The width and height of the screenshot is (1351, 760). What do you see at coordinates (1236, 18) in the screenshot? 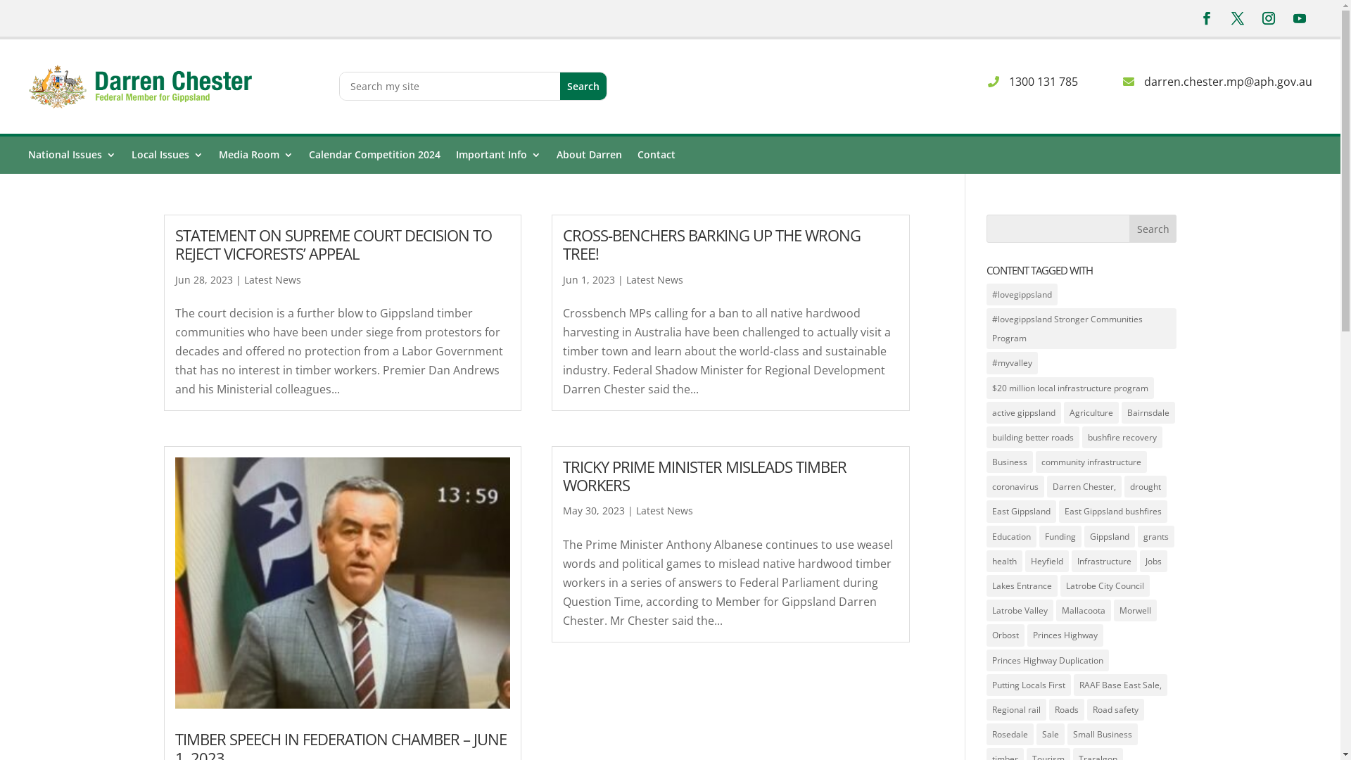
I see `'Follow on X'` at bounding box center [1236, 18].